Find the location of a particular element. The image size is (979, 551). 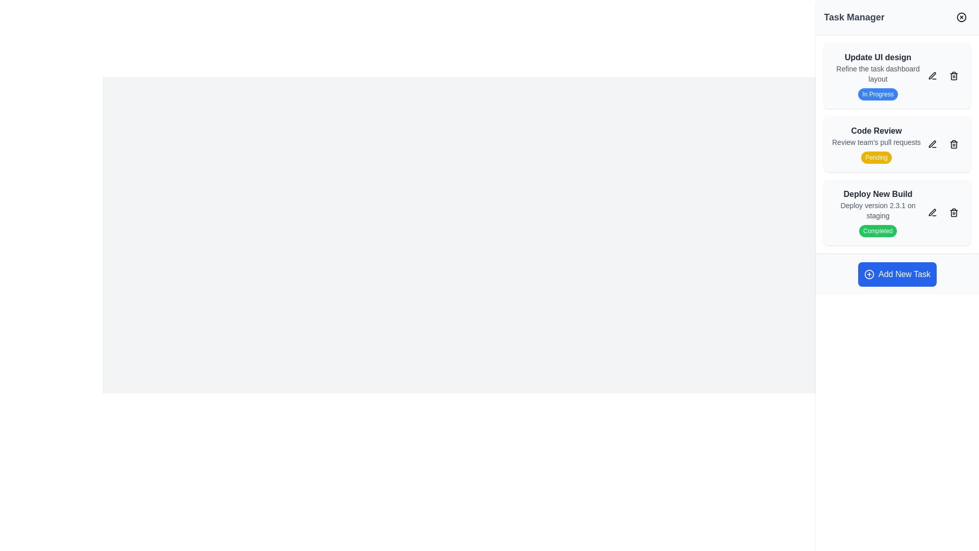

the decorative outer circle of the close button icon located in the top-right corner of the Task Manager panel is located at coordinates (961, 17).